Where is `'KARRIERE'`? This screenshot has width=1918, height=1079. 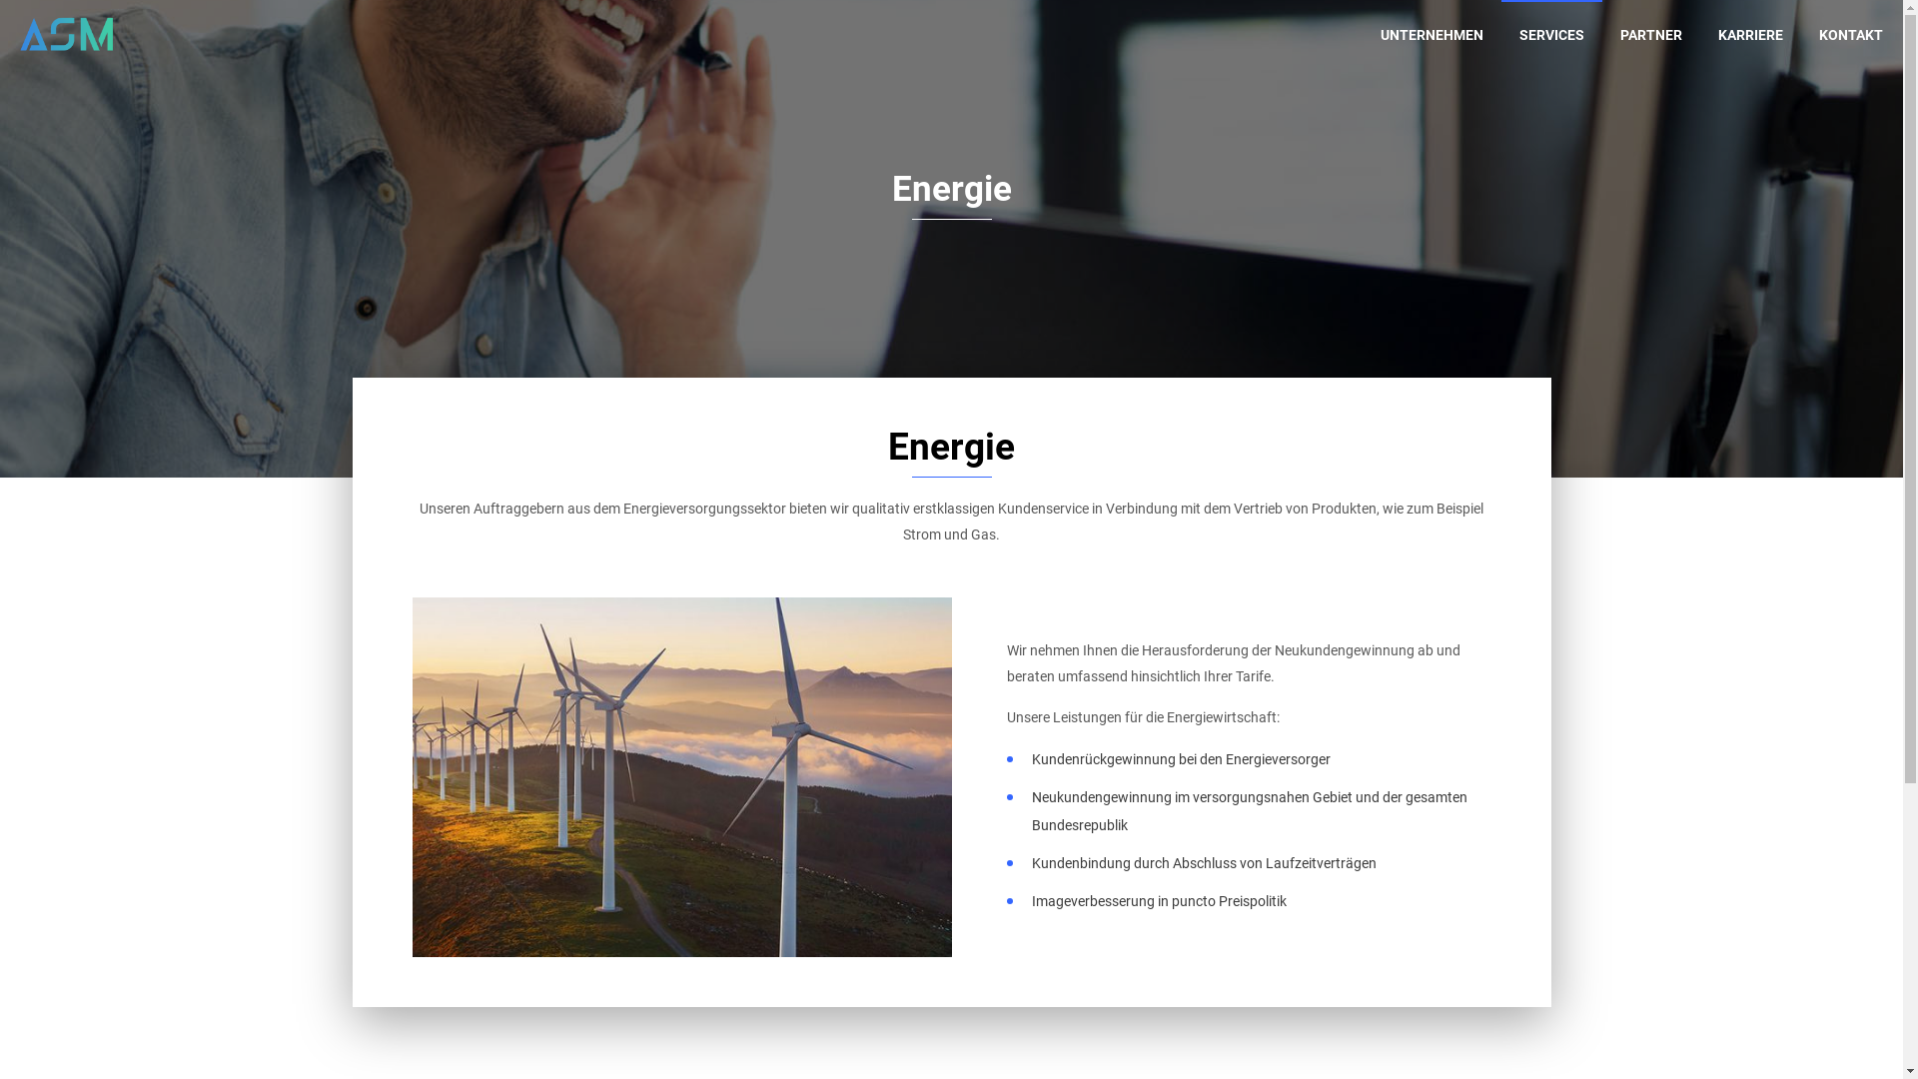
'KARRIERE' is located at coordinates (1749, 34).